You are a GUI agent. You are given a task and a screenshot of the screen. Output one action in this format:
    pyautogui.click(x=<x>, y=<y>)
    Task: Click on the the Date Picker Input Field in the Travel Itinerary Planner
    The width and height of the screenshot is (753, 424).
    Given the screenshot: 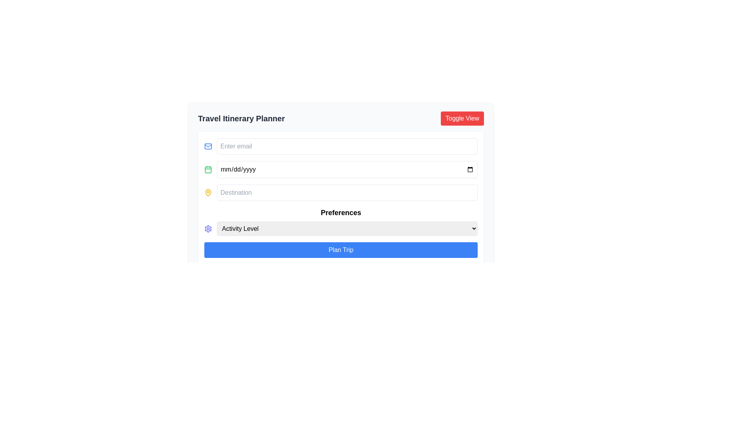 What is the action you would take?
    pyautogui.click(x=341, y=169)
    